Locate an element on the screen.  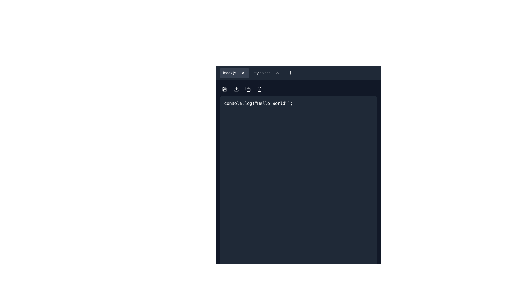
the Close button of the 'styles.css' tab is located at coordinates (277, 73).